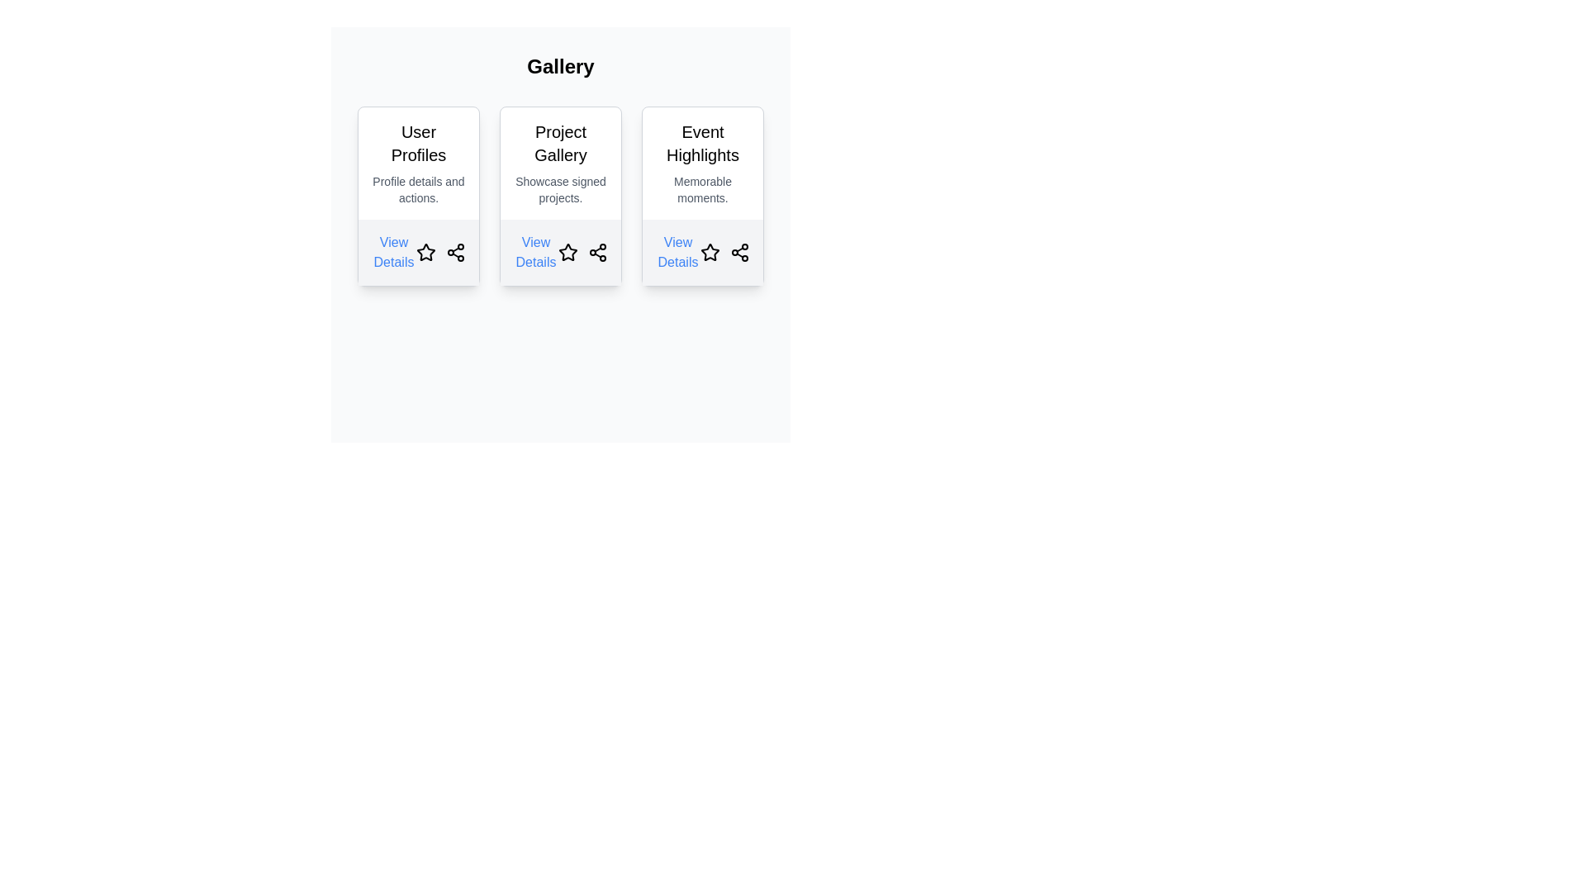 The height and width of the screenshot is (892, 1586). I want to click on the 'User Profiles' text label, which is prominently styled in bold font and located at the top-left section of the interface, within the leftmost card above additional descriptive text, so click(419, 142).